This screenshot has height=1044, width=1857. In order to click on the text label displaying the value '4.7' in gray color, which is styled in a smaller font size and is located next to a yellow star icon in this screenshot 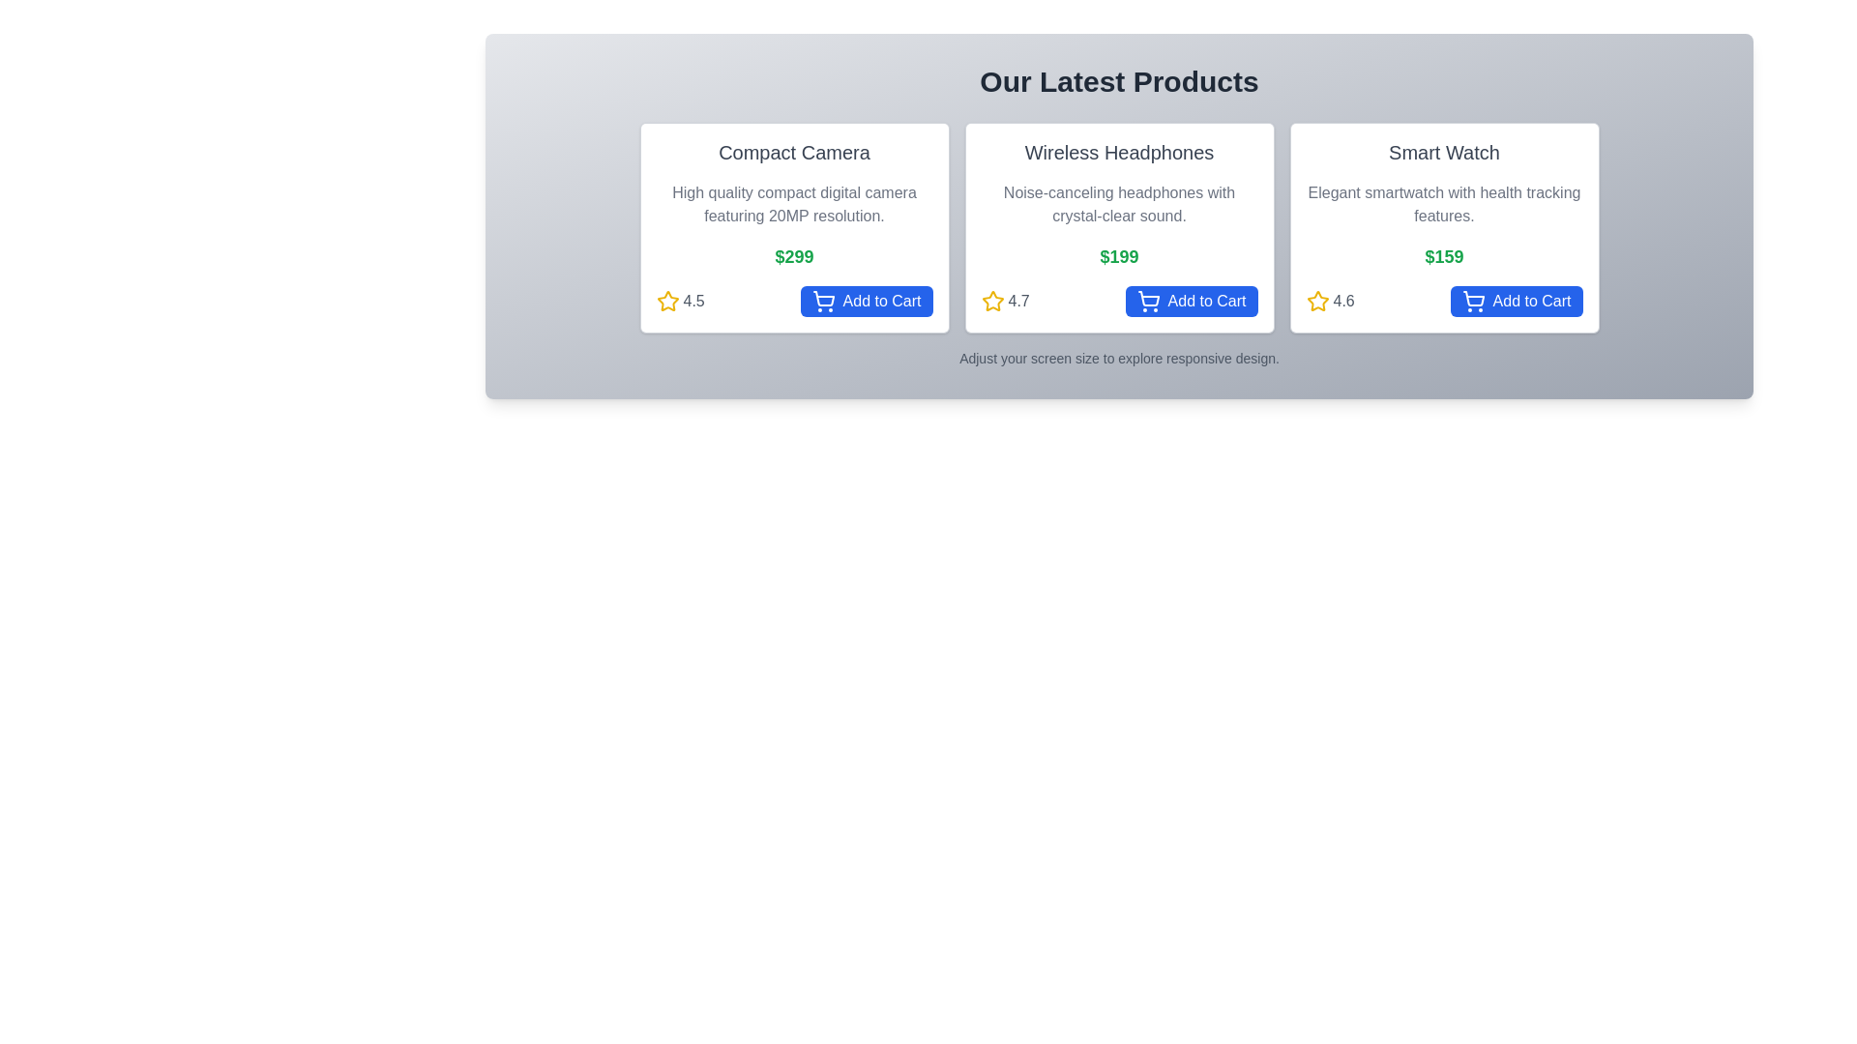, I will do `click(1017, 302)`.